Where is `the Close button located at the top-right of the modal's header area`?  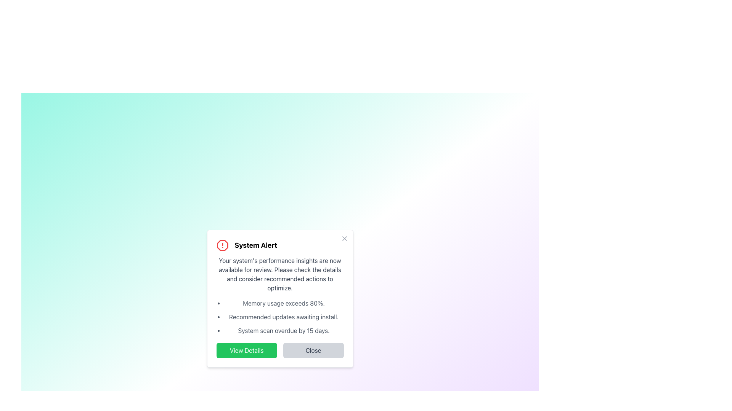 the Close button located at the top-right of the modal's header area is located at coordinates (344, 238).